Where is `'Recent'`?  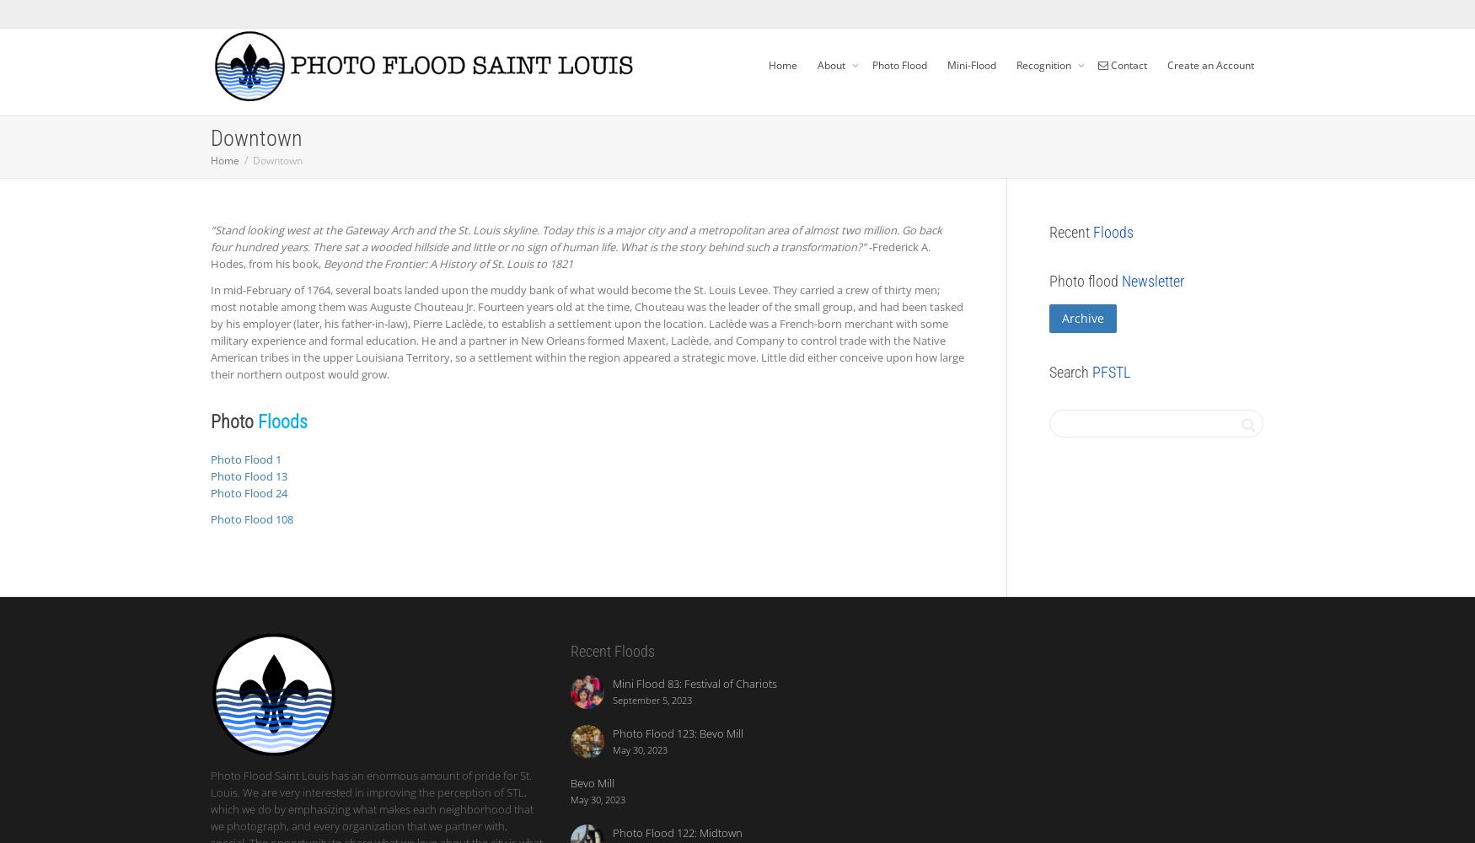 'Recent' is located at coordinates (1070, 232).